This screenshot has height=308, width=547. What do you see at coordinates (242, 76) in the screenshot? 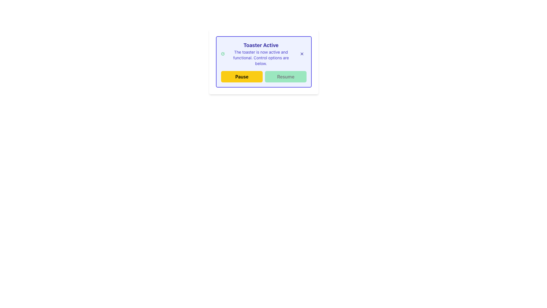
I see `the 'Pause' button, which is a rectangular button with a bold yellow background and black text, located below the message about the toaster's functionality` at bounding box center [242, 76].